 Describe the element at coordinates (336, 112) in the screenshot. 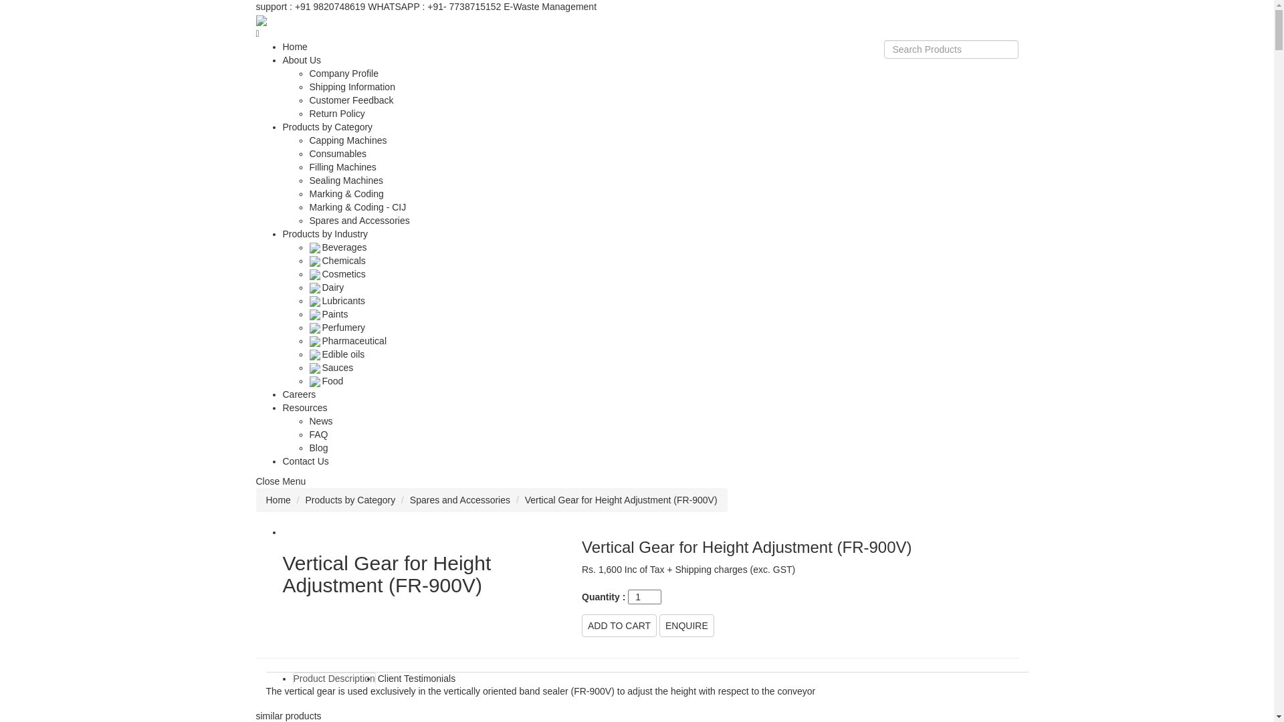

I see `'Return Policy'` at that location.